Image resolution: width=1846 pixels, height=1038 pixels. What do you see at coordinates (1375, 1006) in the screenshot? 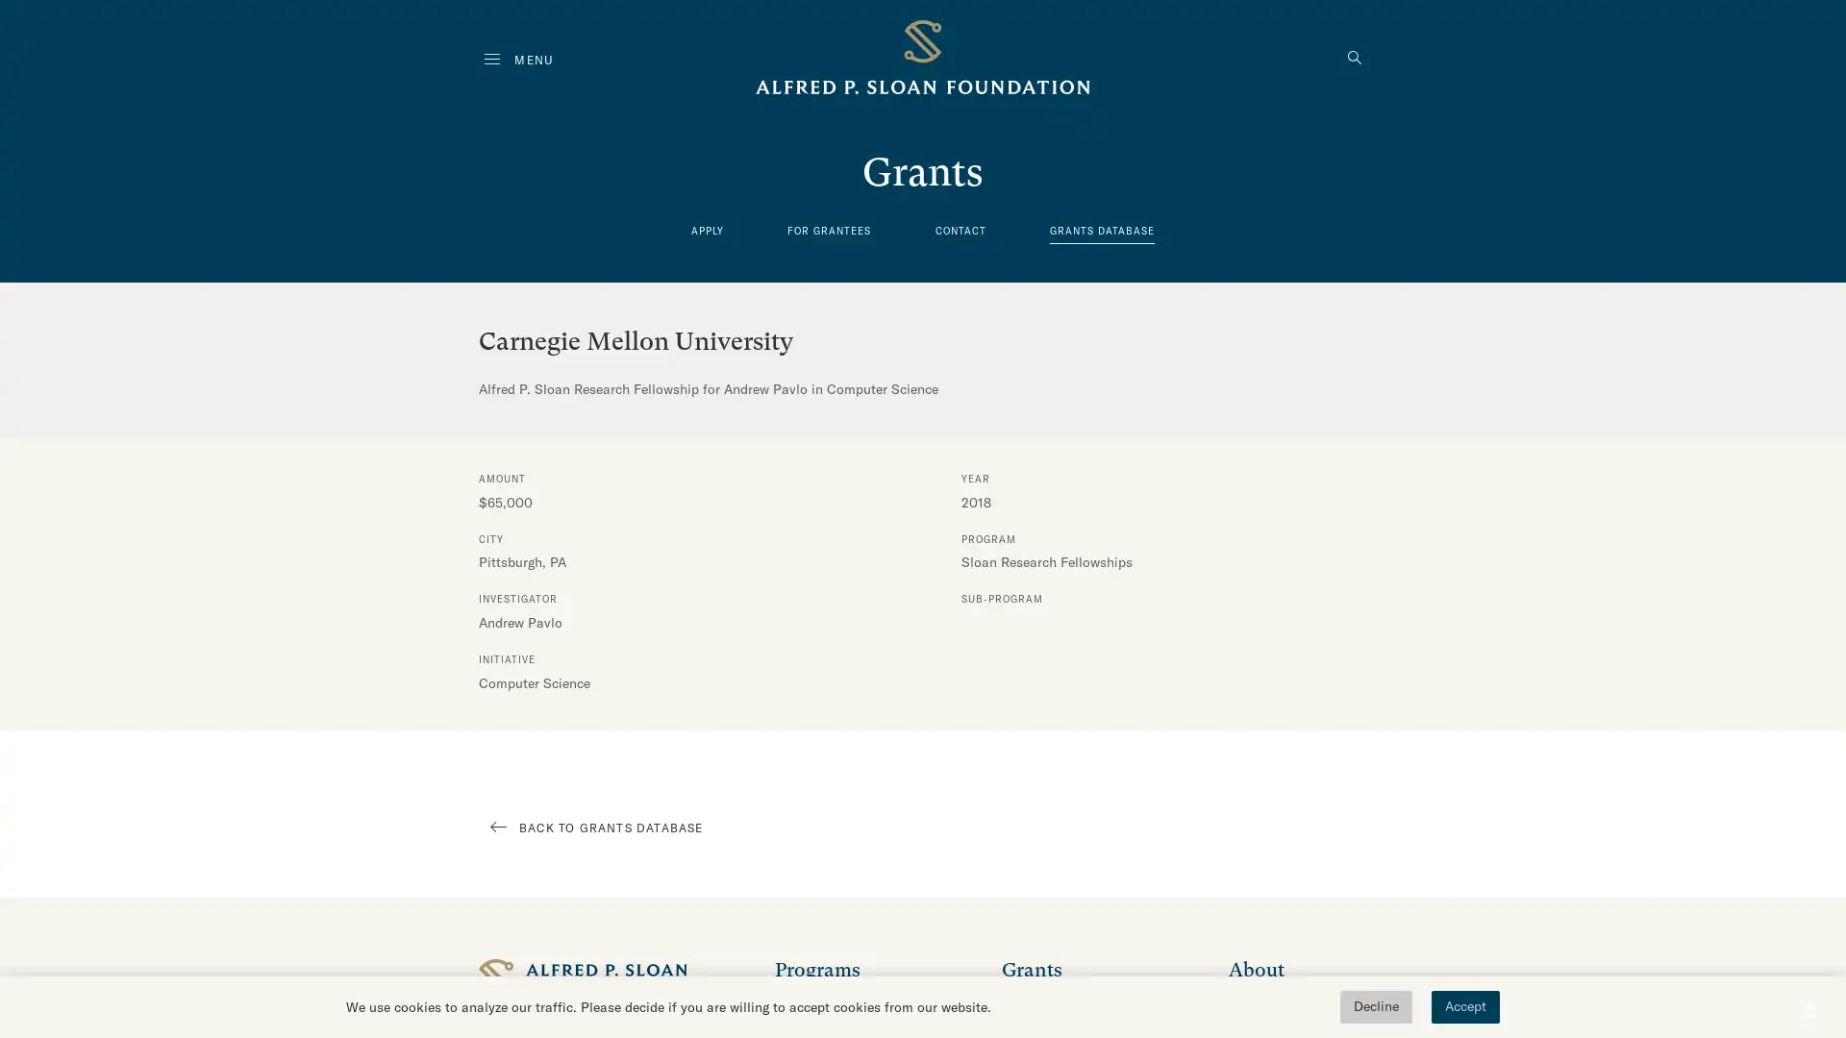
I see `Decline` at bounding box center [1375, 1006].